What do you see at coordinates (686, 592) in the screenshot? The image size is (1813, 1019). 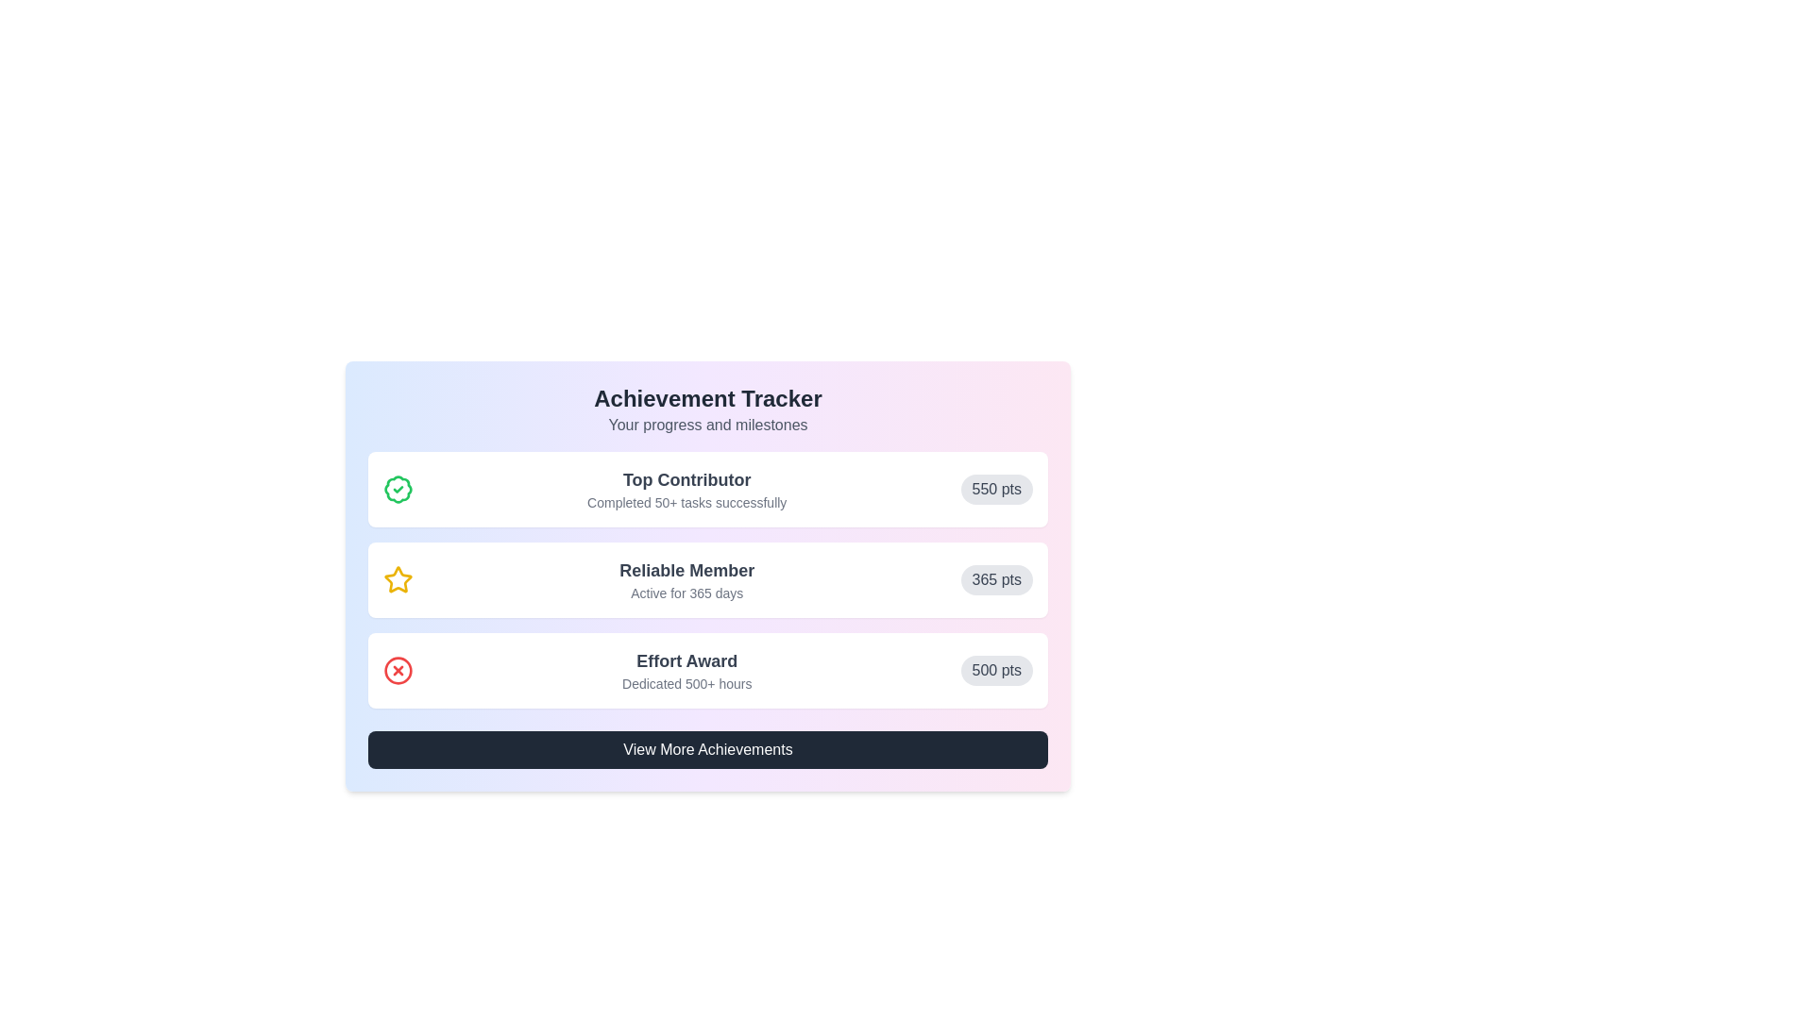 I see `the text label stating 'Active for 365 days.' positioned below 'Reliable Member.'` at bounding box center [686, 592].